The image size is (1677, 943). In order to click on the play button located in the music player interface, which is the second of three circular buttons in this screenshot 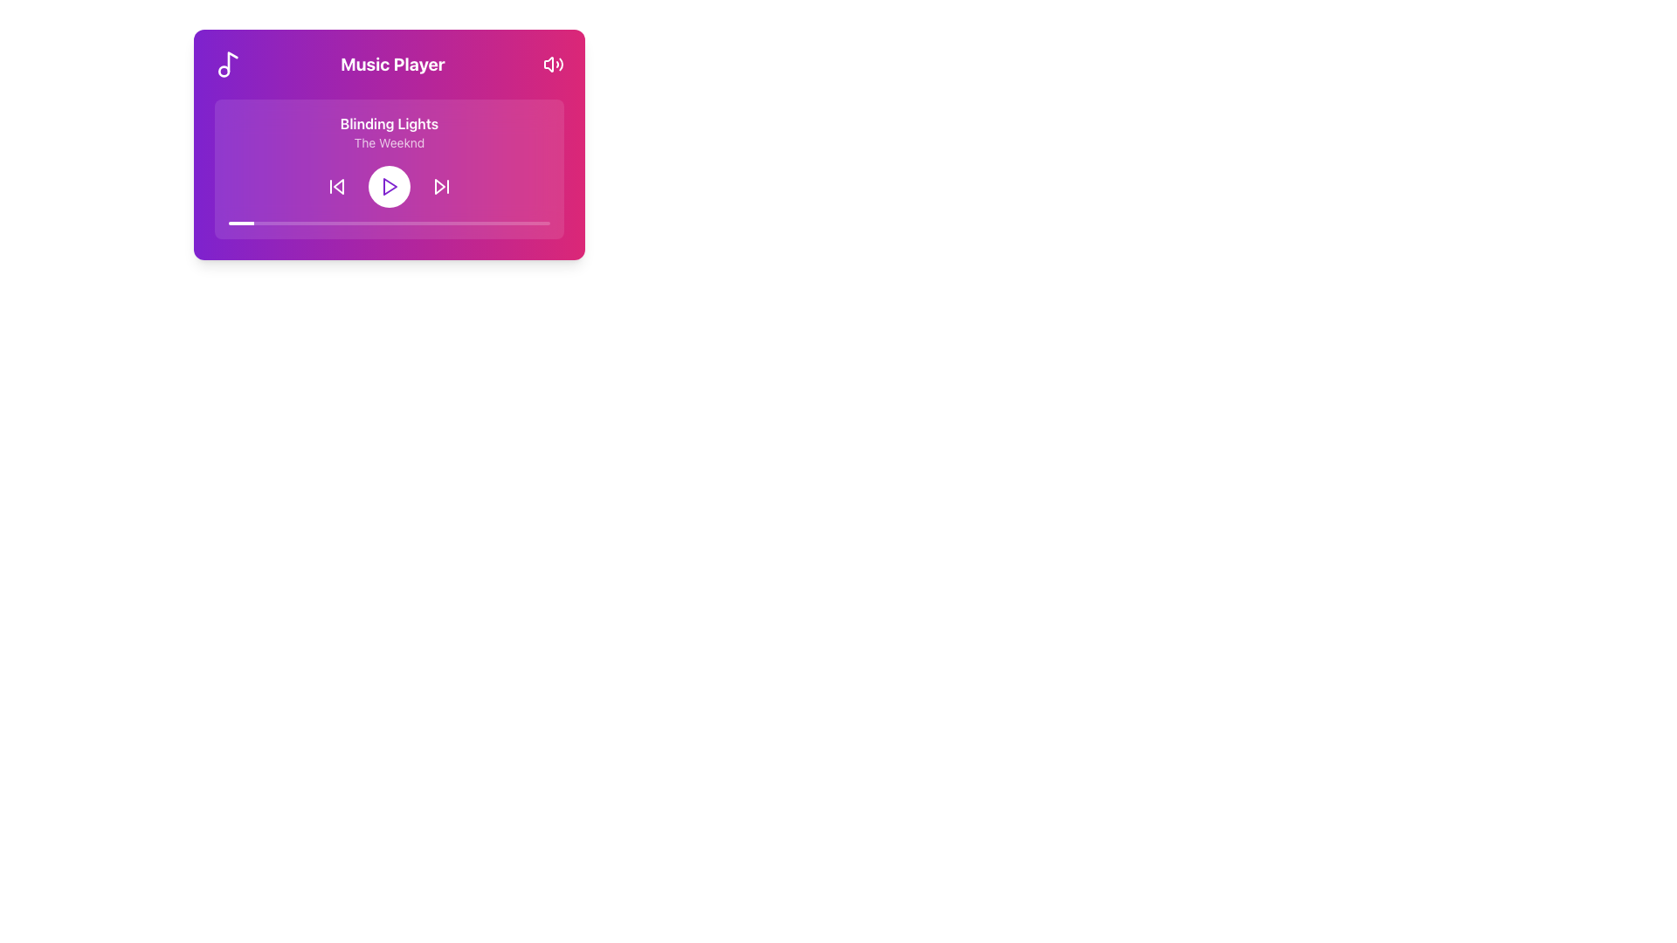, I will do `click(389, 186)`.